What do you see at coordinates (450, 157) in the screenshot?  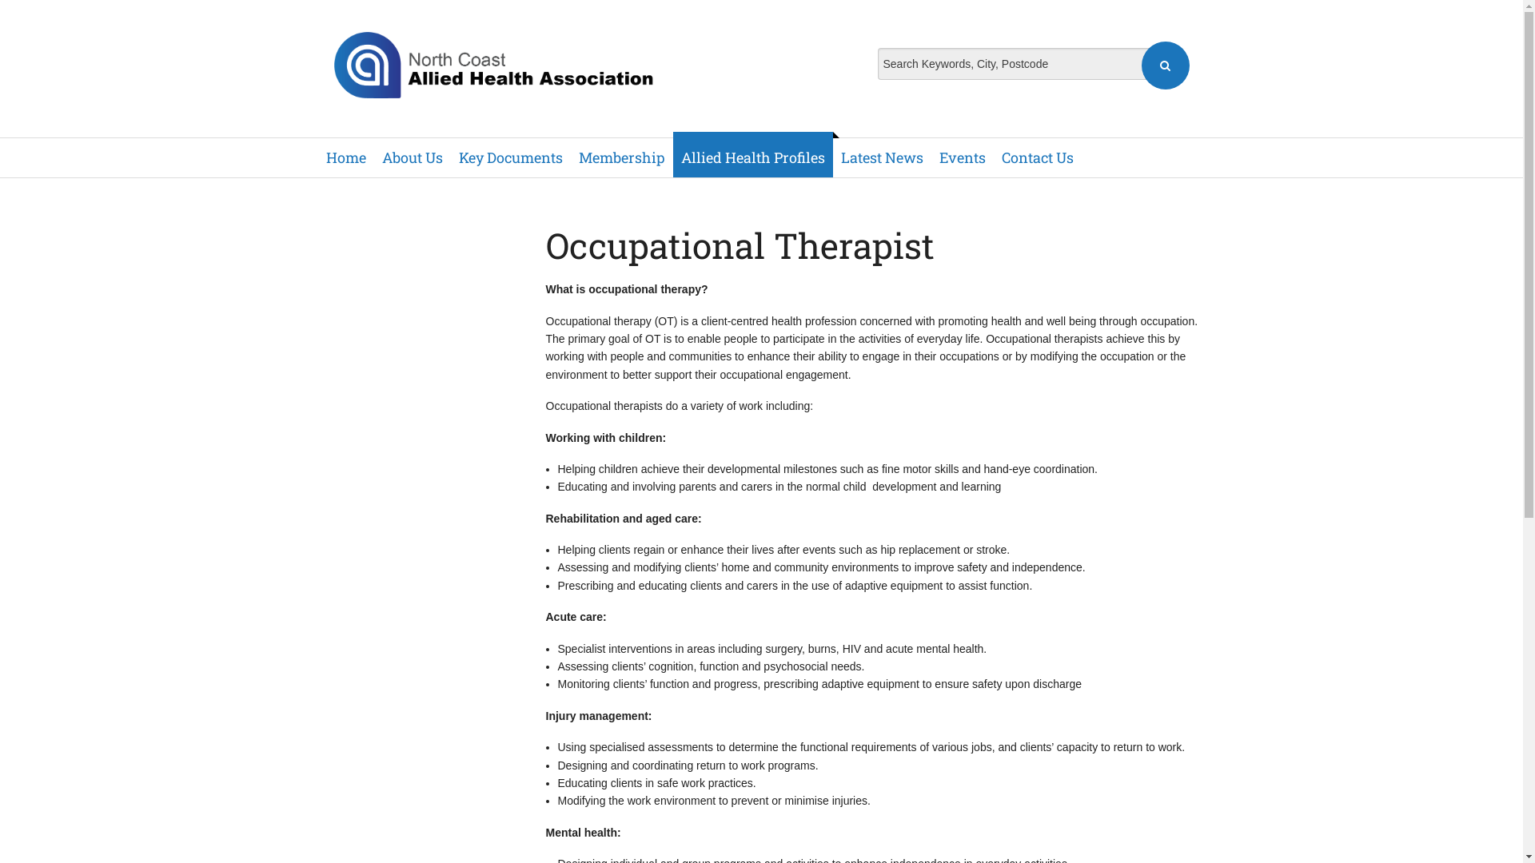 I see `'Key Documents'` at bounding box center [450, 157].